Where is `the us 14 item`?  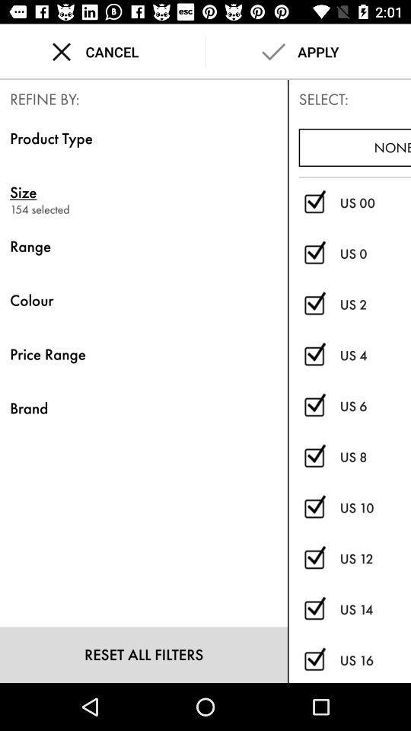 the us 14 item is located at coordinates (374, 610).